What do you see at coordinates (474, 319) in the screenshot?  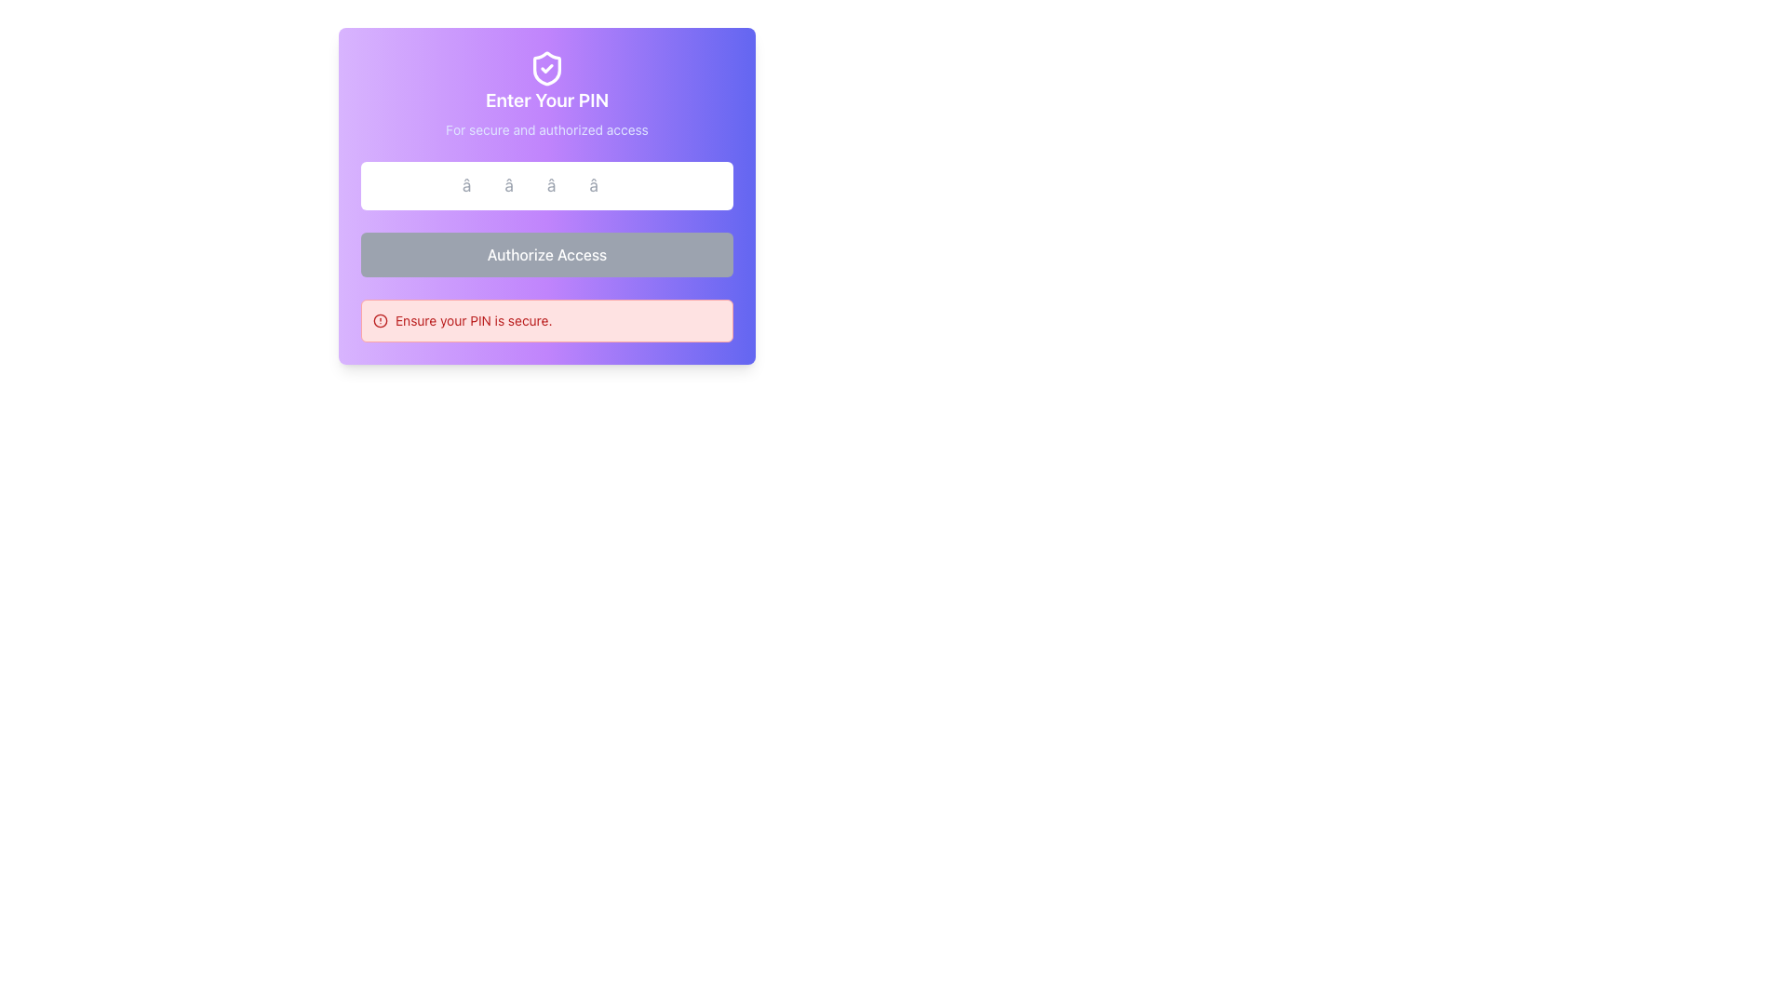 I see `advisory message displayed in the text label located towards the bottom section of the login form interface, adjacent to the alert icon` at bounding box center [474, 319].